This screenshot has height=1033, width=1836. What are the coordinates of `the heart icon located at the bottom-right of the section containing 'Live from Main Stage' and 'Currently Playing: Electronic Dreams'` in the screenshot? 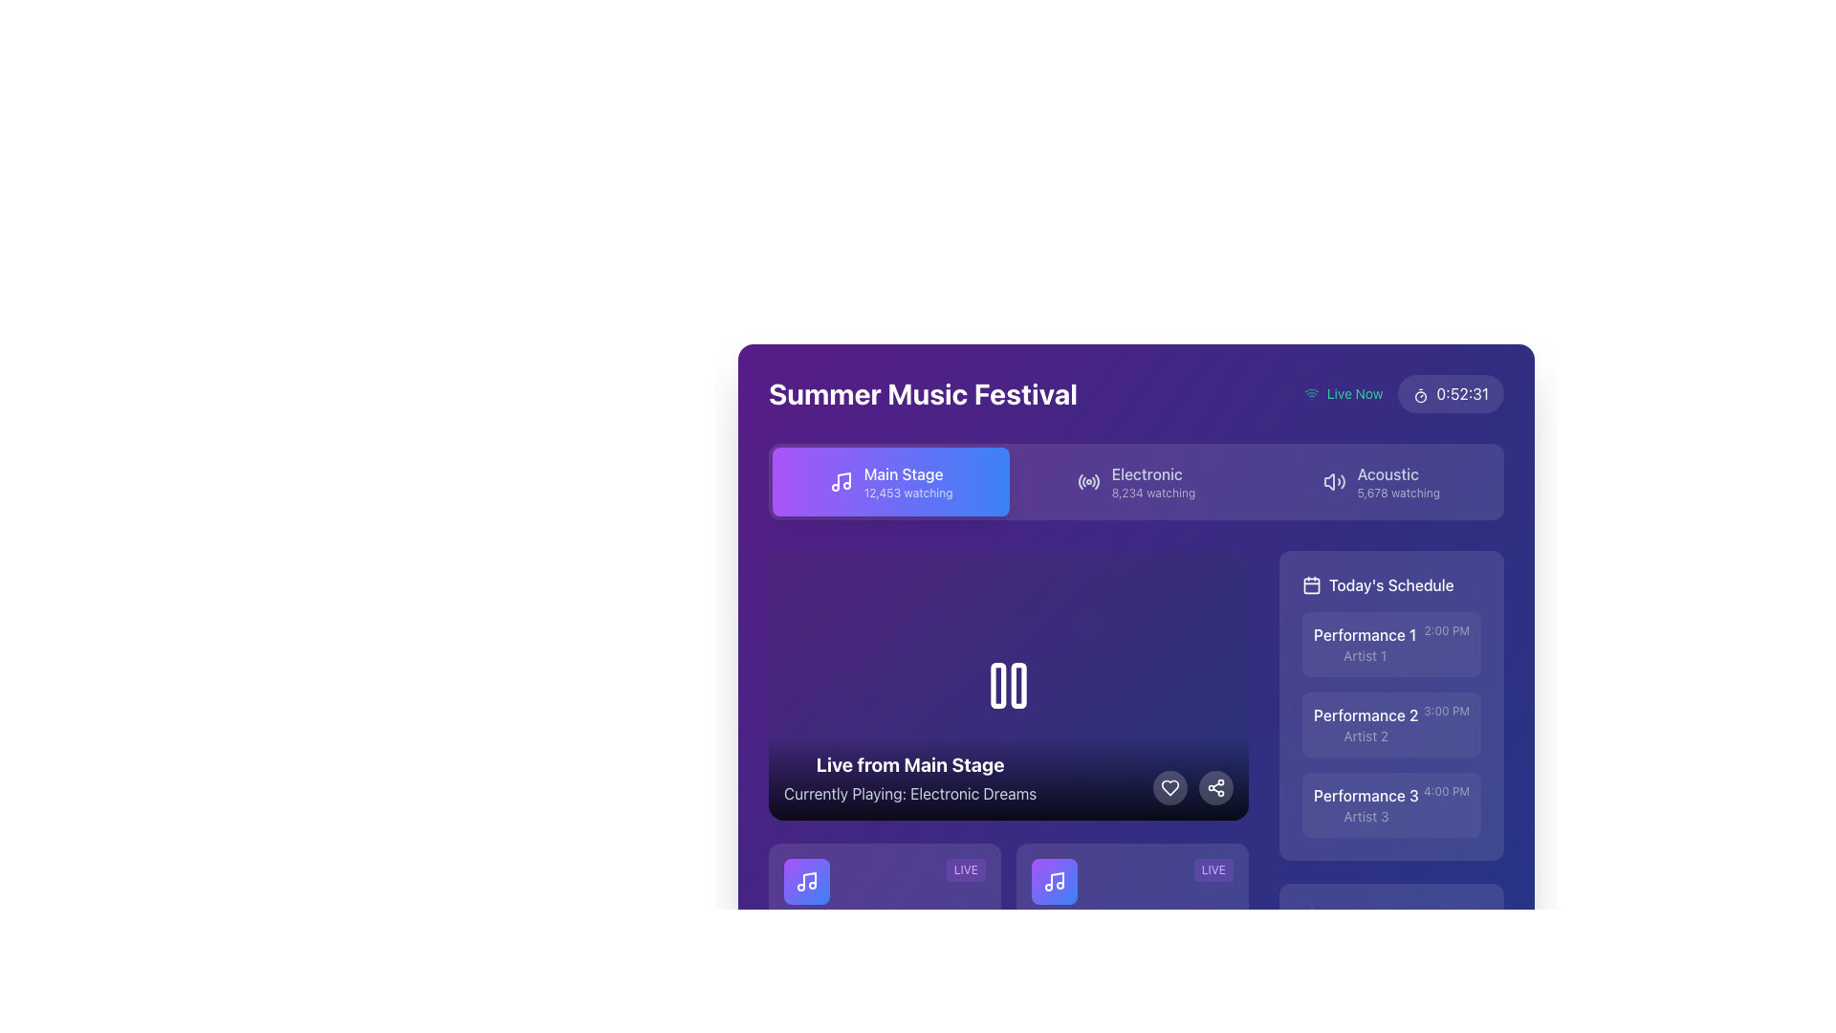 It's located at (1169, 788).